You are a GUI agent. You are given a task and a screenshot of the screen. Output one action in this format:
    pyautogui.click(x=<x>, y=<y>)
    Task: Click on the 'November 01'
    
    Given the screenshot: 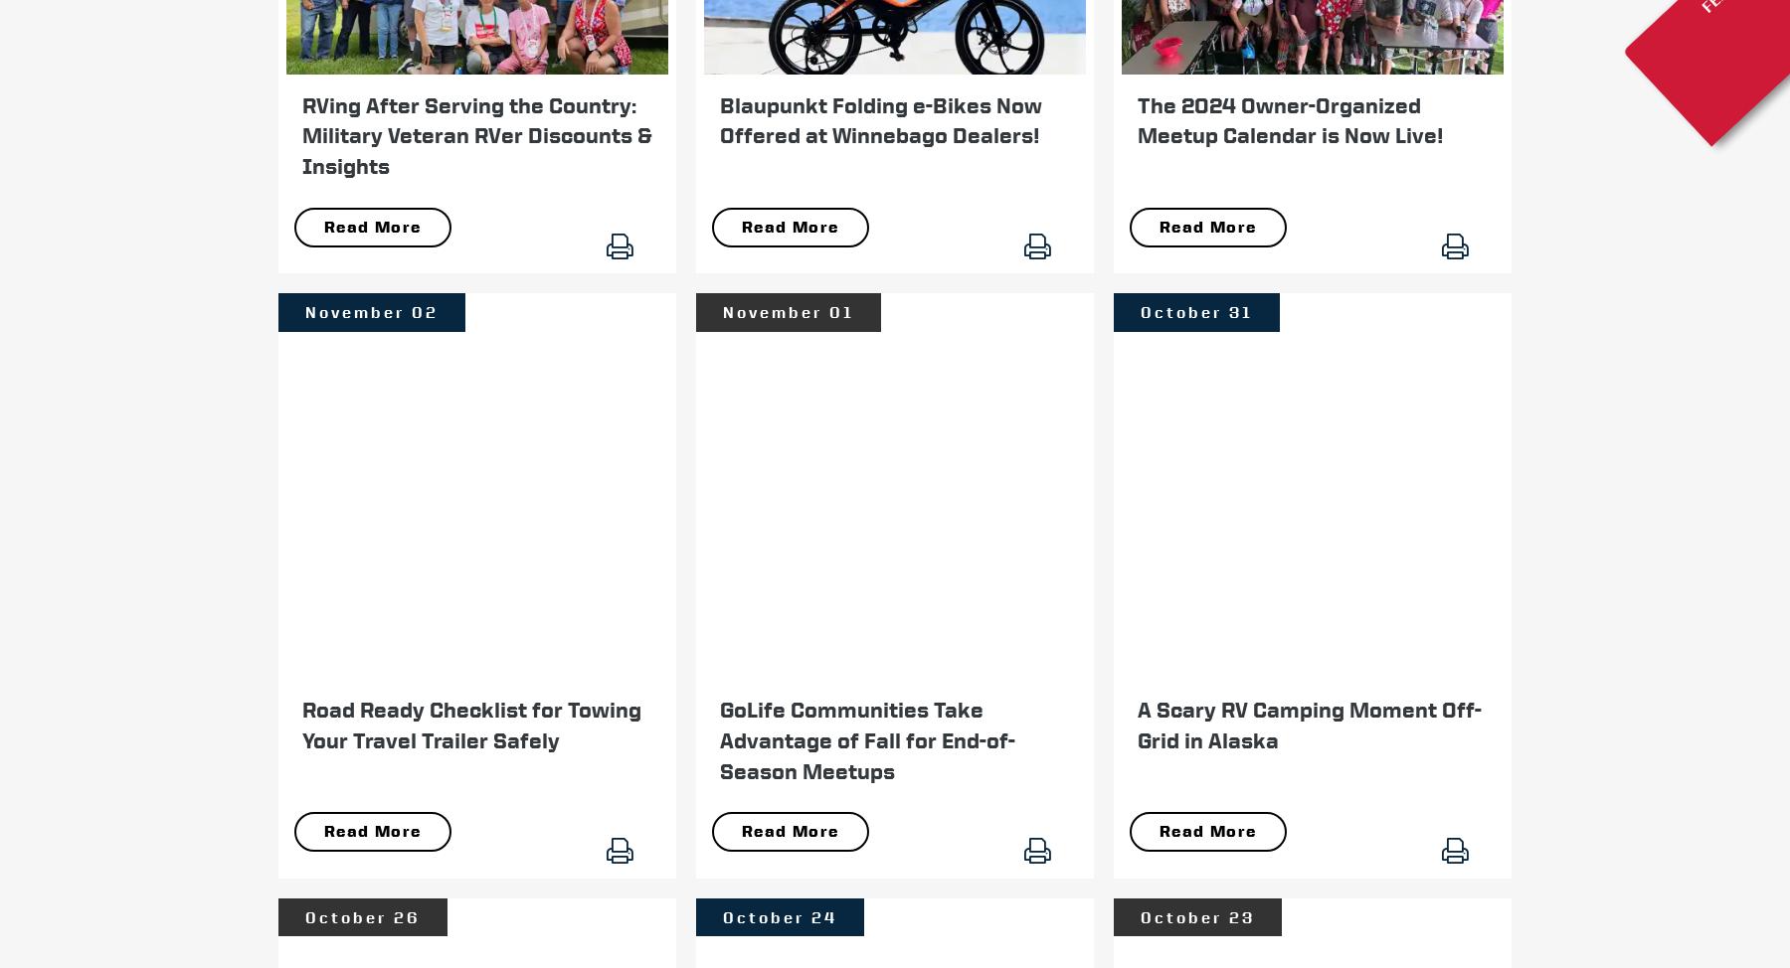 What is the action you would take?
    pyautogui.click(x=789, y=311)
    